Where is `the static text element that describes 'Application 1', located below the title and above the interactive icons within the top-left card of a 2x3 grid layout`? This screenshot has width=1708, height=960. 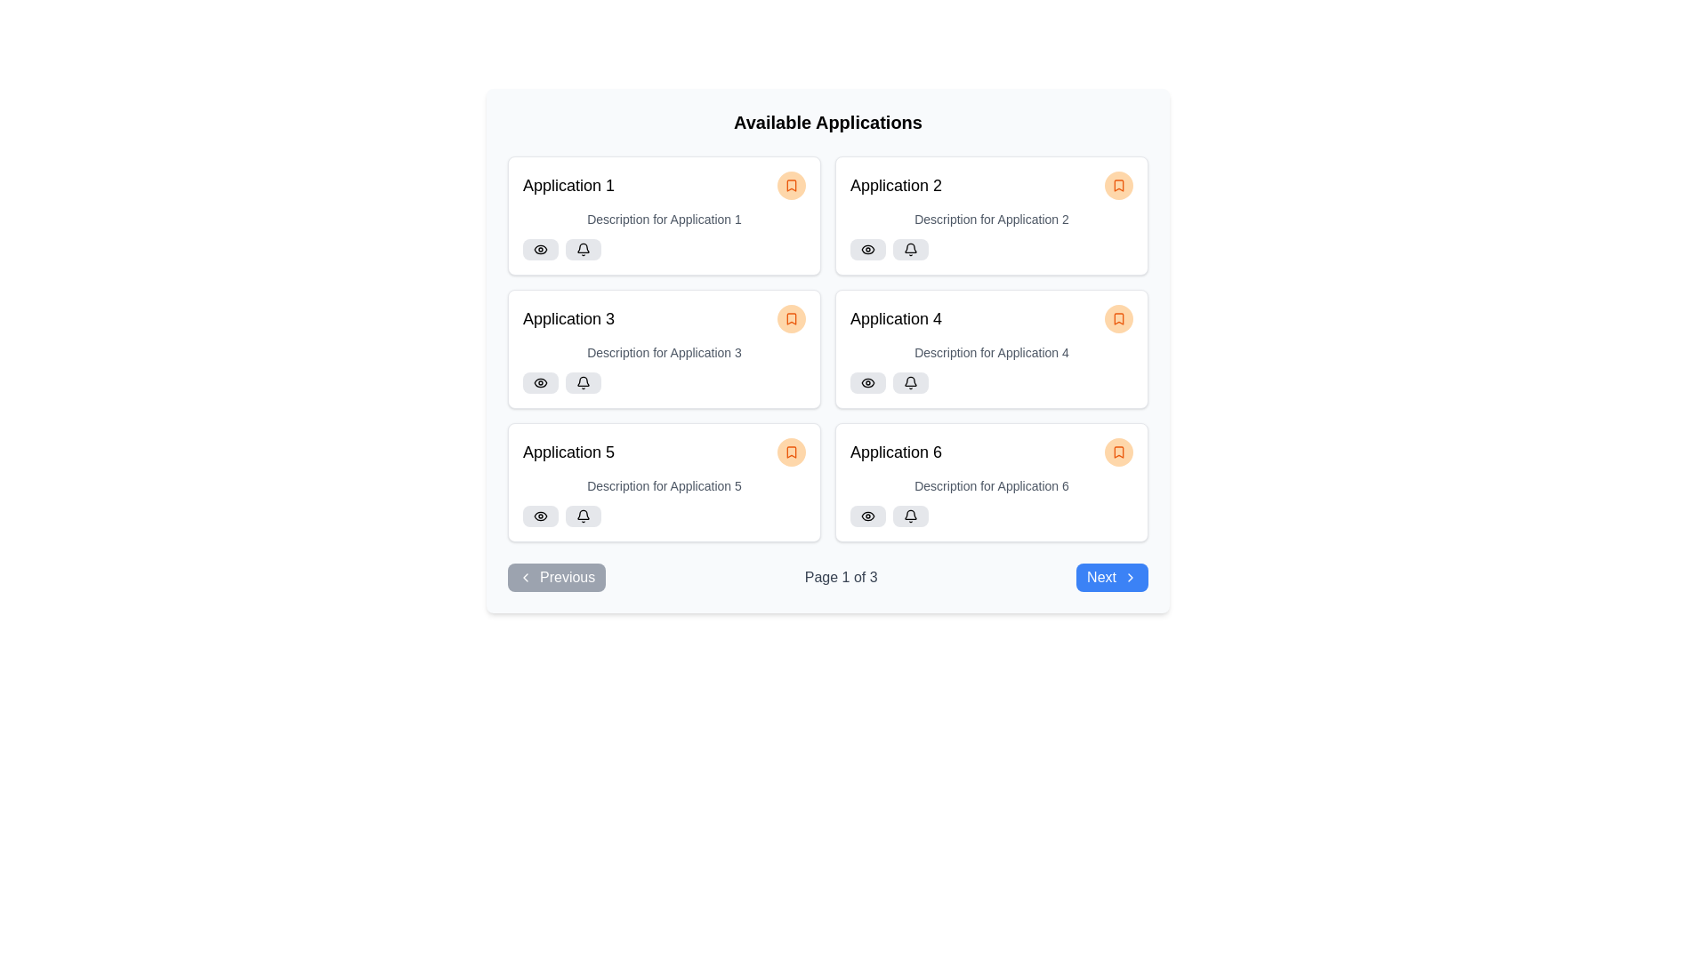
the static text element that describes 'Application 1', located below the title and above the interactive icons within the top-left card of a 2x3 grid layout is located at coordinates (664, 218).